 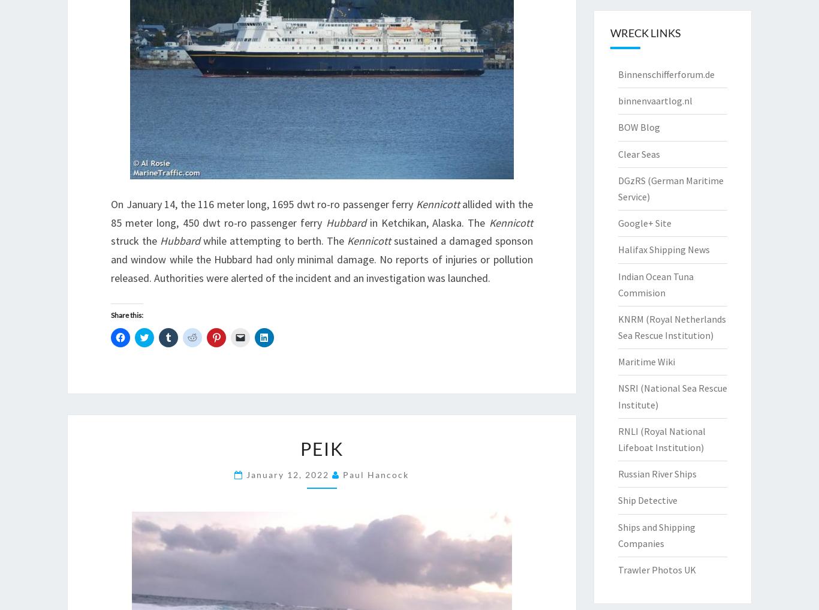 I want to click on 'binnenvaartlog.nl', so click(x=654, y=100).